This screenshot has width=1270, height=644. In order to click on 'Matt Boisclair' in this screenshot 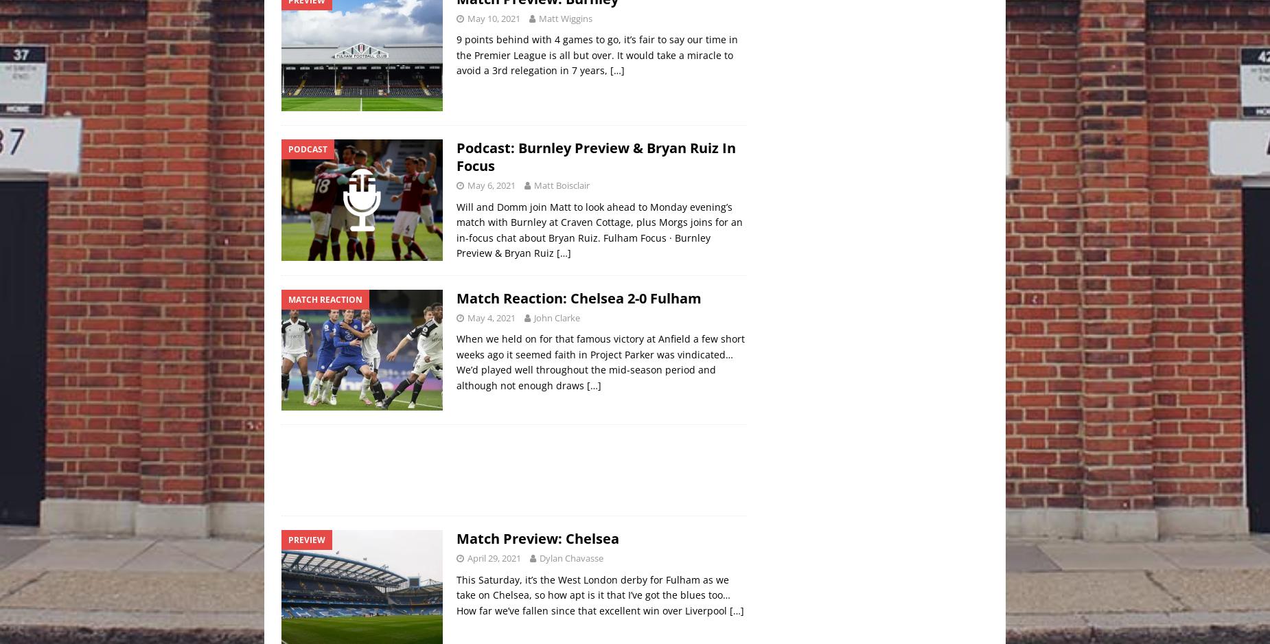, I will do `click(562, 185)`.